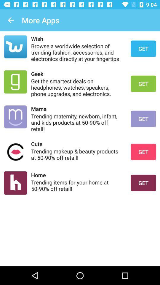  What do you see at coordinates (11, 20) in the screenshot?
I see `the item next to more apps` at bounding box center [11, 20].